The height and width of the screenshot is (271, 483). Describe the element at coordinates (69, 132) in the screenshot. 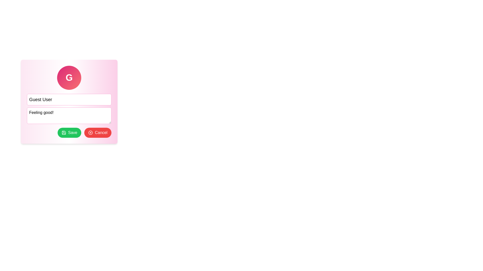

I see `the green 'Save' button with white text and a save icon, located below the text input fields in the form interface` at that location.